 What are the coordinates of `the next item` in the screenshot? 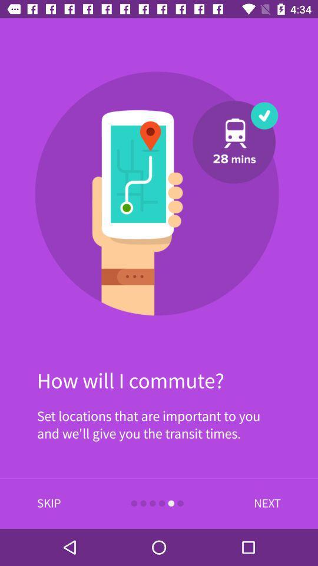 It's located at (264, 503).